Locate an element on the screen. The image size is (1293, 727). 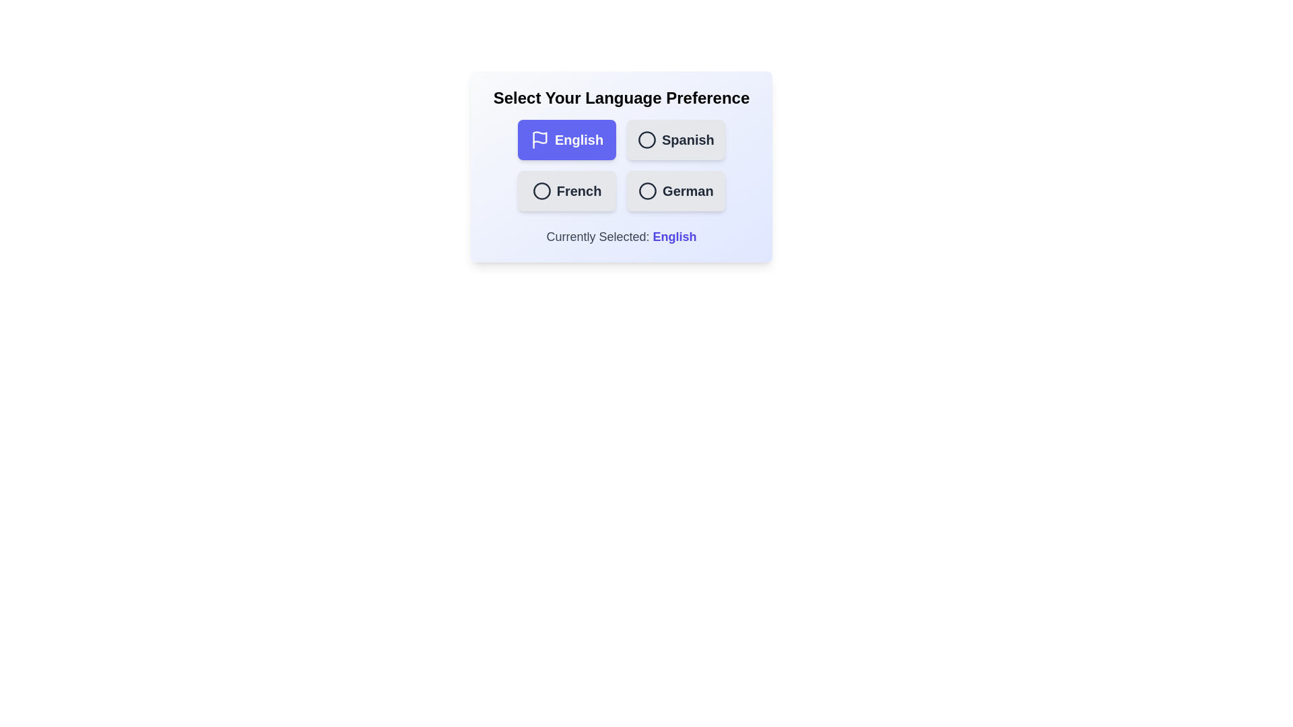
the language French by clicking on its button is located at coordinates (566, 191).